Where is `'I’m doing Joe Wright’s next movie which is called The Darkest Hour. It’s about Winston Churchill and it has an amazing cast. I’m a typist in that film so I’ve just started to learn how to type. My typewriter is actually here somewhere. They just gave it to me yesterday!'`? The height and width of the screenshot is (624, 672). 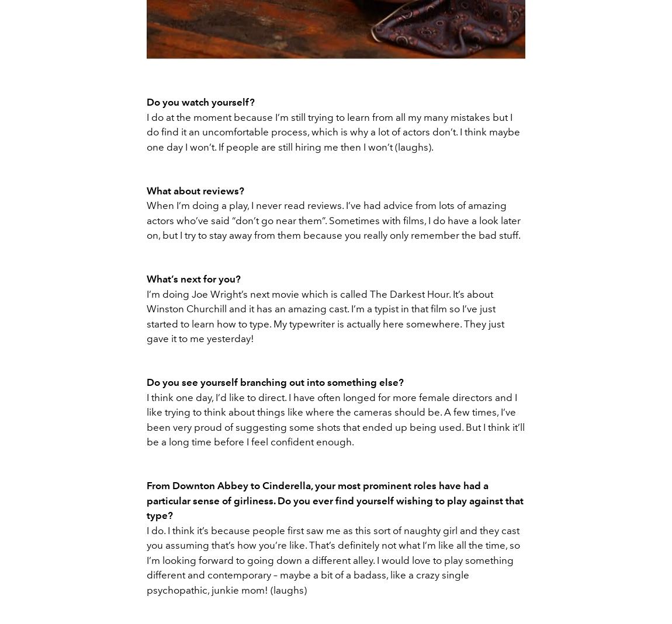
'I’m doing Joe Wright’s next movie which is called The Darkest Hour. It’s about Winston Churchill and it has an amazing cast. I’m a typist in that film so I’ve just started to learn how to type. My typewriter is actually here somewhere. They just gave it to me yesterday!' is located at coordinates (146, 316).